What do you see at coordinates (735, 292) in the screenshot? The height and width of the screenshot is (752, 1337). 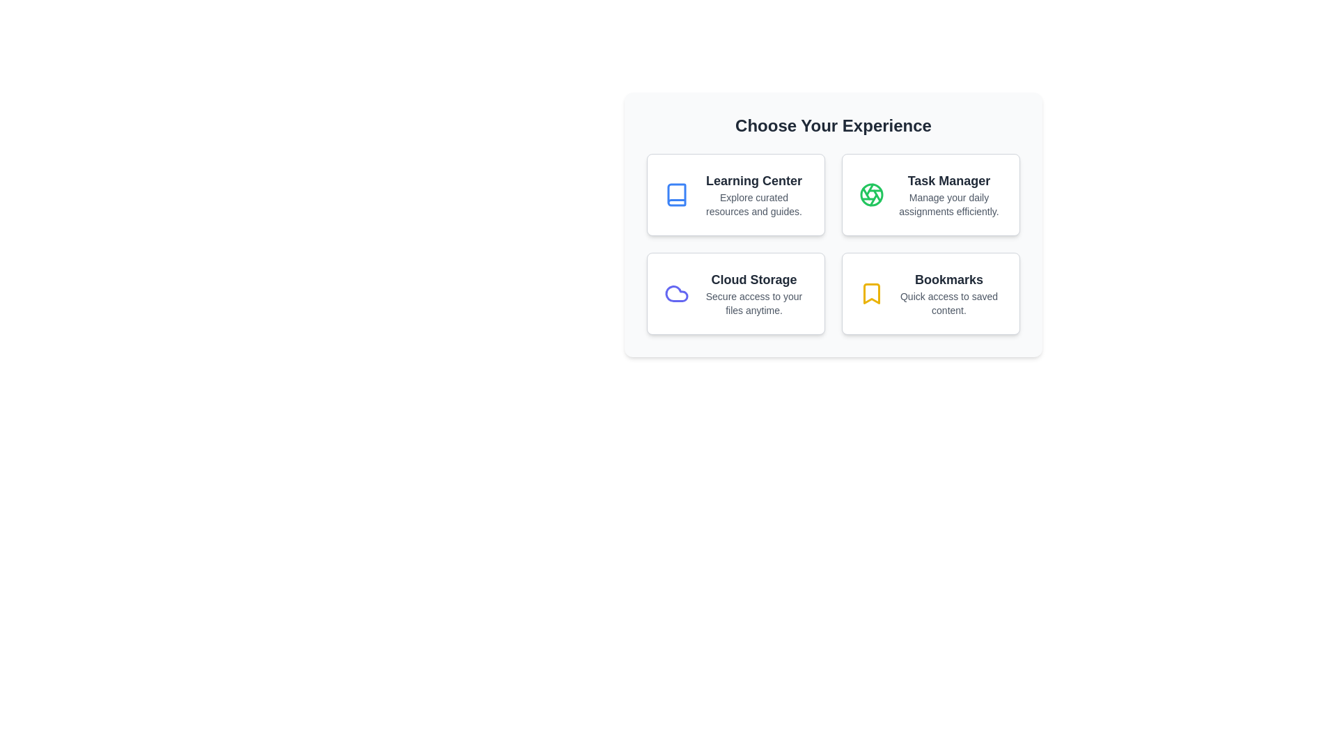 I see `the third card in the grid, which represents the 'Cloud Storage' option` at bounding box center [735, 292].